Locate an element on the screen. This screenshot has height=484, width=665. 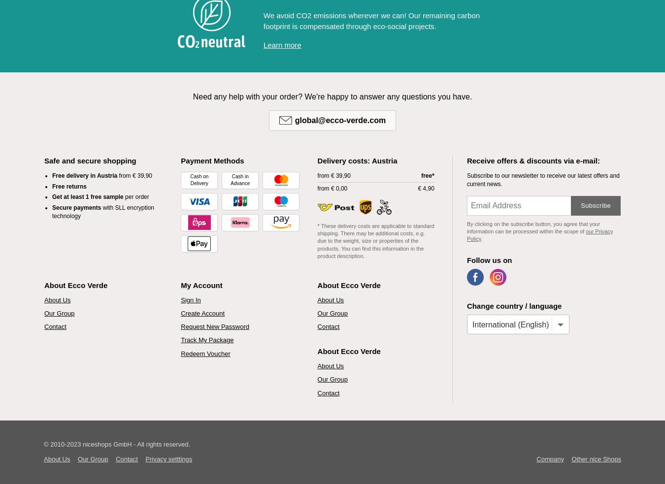
'Track My Package' is located at coordinates (181, 339).